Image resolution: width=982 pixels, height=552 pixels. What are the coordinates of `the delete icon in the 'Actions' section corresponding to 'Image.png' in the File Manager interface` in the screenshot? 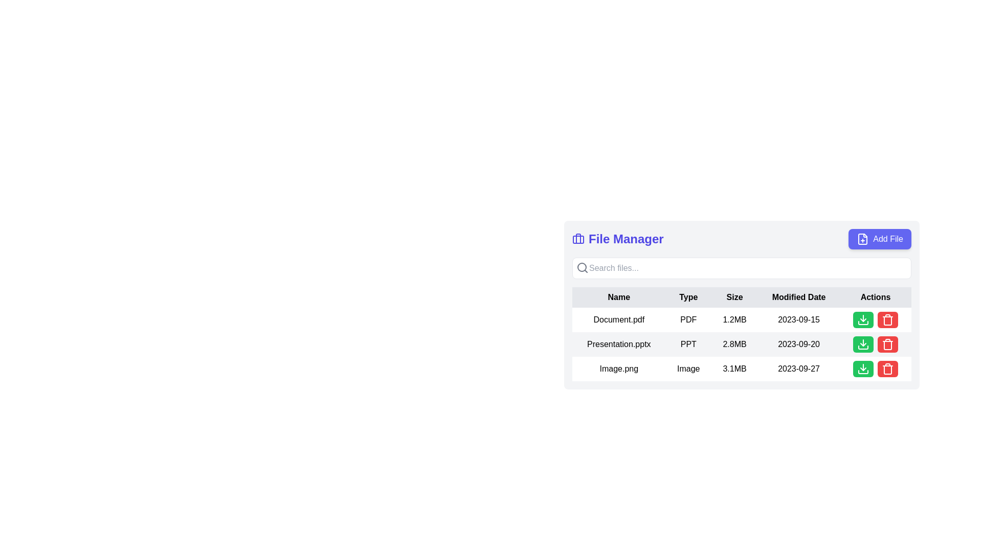 It's located at (887, 369).